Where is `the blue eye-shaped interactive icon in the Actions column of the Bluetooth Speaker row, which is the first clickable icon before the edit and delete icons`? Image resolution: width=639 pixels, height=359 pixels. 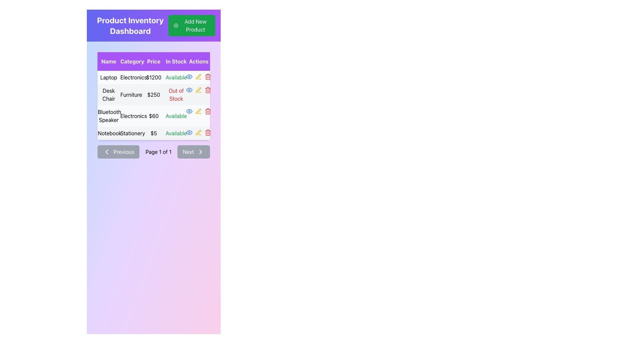 the blue eye-shaped interactive icon in the Actions column of the Bluetooth Speaker row, which is the first clickable icon before the edit and delete icons is located at coordinates (189, 111).